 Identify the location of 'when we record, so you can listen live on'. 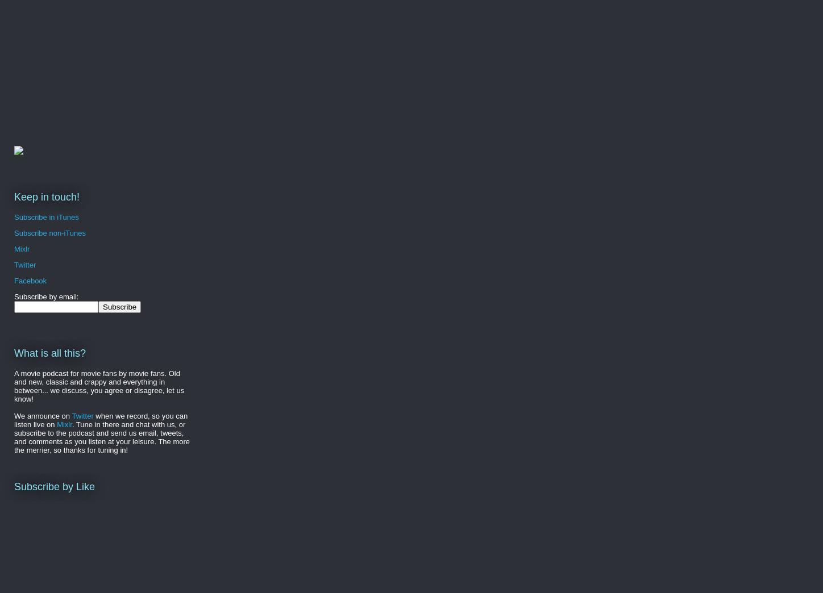
(100, 420).